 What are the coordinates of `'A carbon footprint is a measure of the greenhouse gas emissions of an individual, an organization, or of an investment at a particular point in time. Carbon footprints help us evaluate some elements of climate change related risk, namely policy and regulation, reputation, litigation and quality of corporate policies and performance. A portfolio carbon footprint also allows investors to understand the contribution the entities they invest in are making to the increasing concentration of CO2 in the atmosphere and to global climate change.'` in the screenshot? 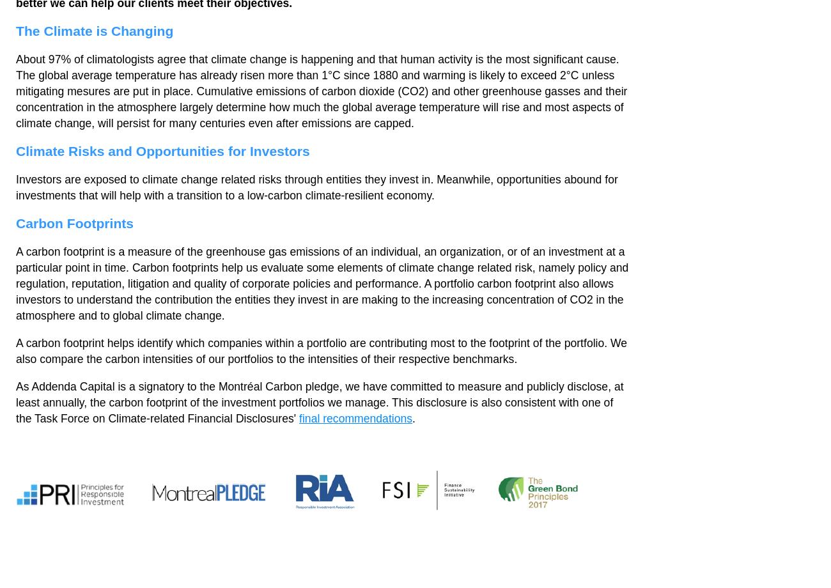 It's located at (322, 282).